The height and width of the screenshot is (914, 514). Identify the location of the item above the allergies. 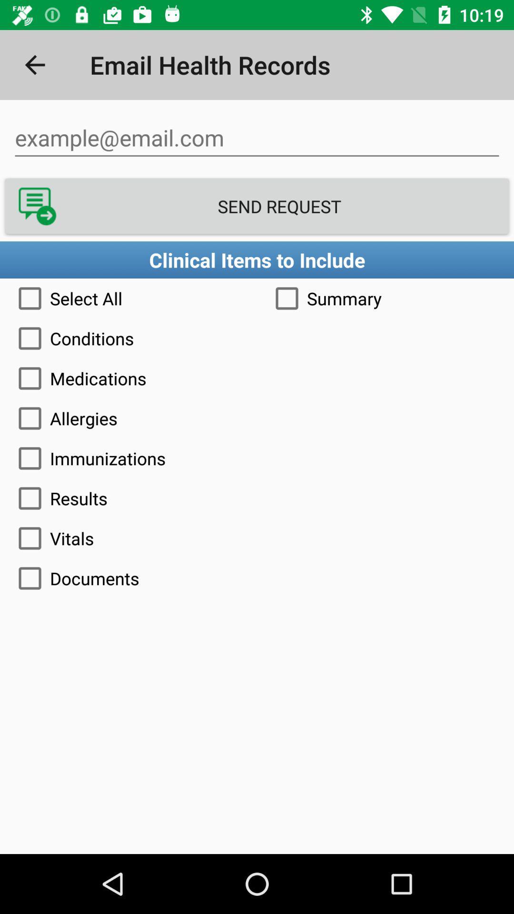
(257, 378).